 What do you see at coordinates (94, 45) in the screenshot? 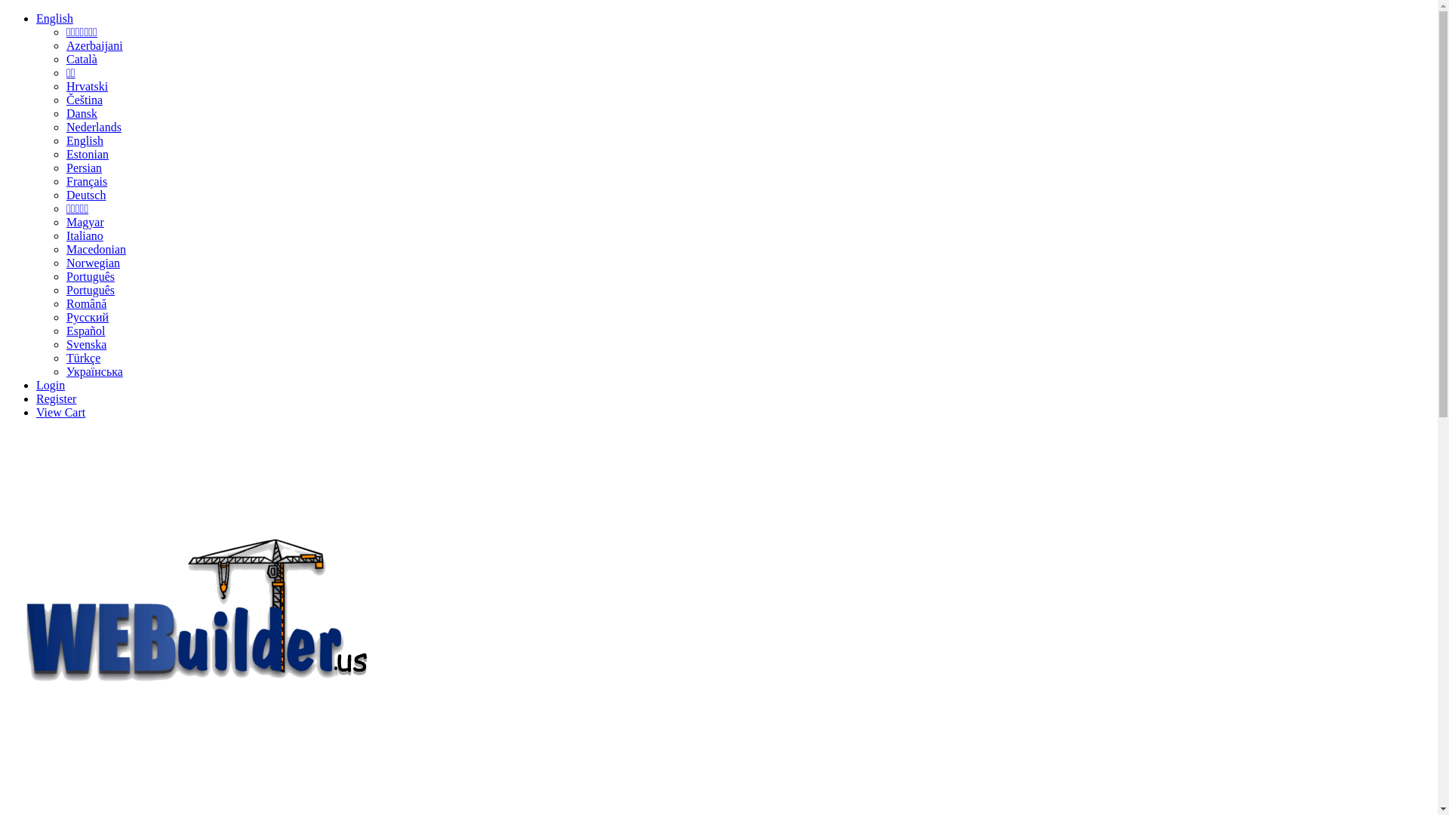
I see `'Azerbaijani'` at bounding box center [94, 45].